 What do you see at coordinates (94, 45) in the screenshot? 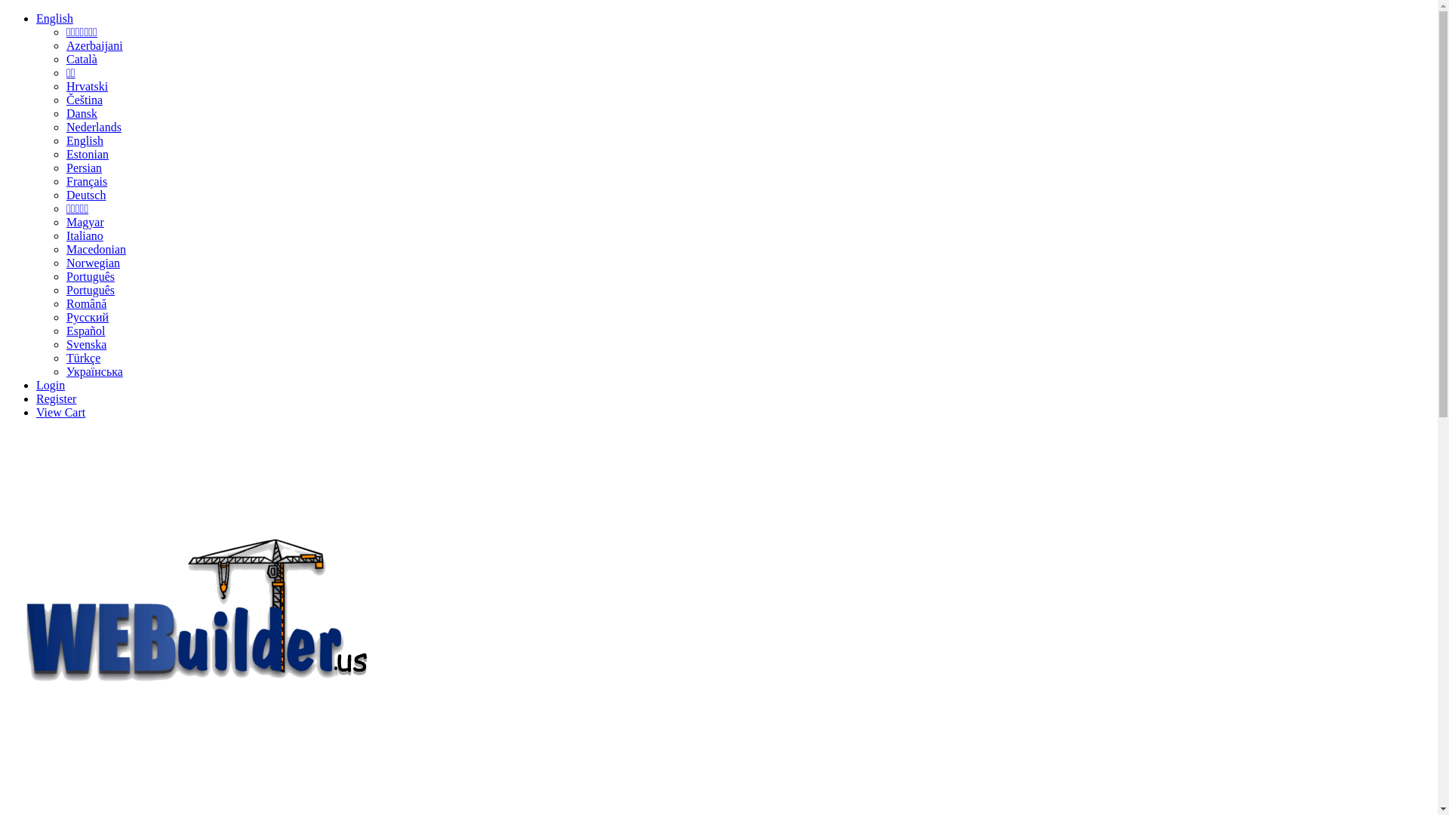
I see `'Azerbaijani'` at bounding box center [94, 45].